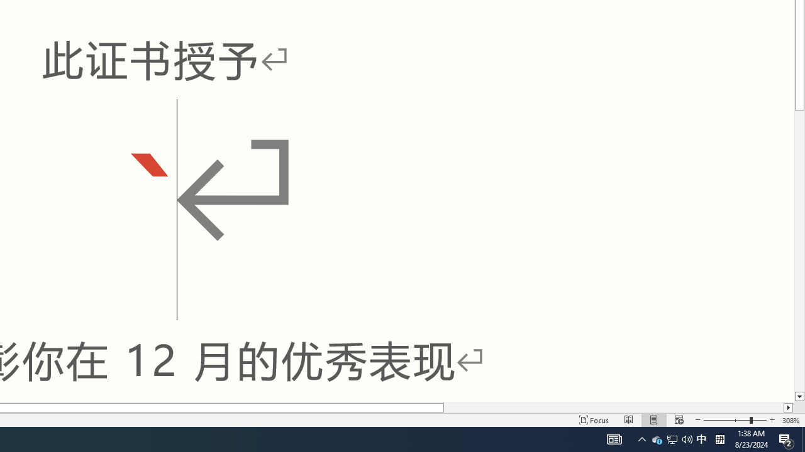 The height and width of the screenshot is (452, 805). I want to click on 'Read Mode', so click(629, 420).